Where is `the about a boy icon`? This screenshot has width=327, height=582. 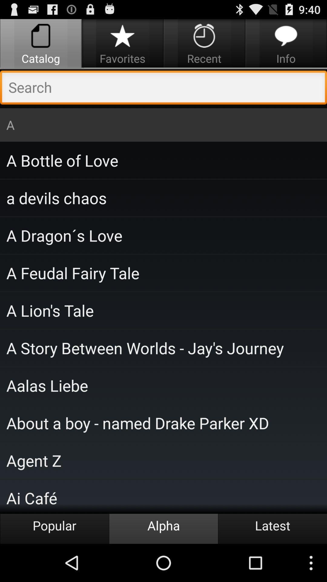 the about a boy icon is located at coordinates (163, 423).